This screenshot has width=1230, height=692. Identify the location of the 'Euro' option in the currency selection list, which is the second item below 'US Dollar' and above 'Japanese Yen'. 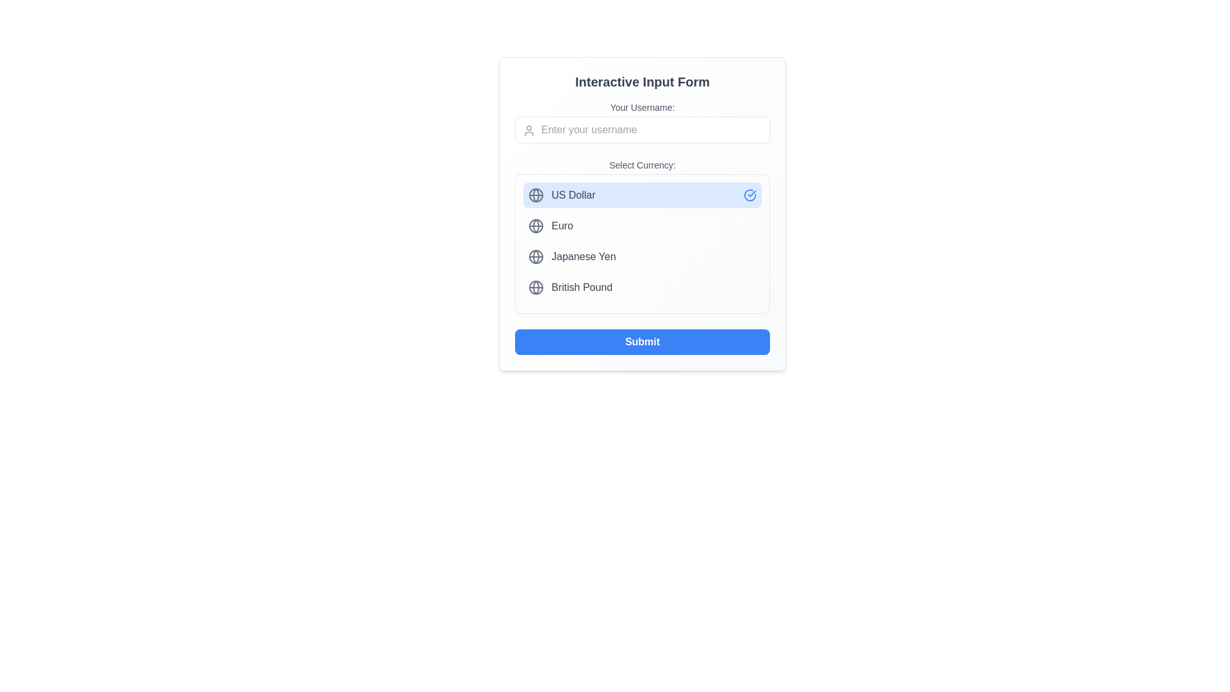
(643, 226).